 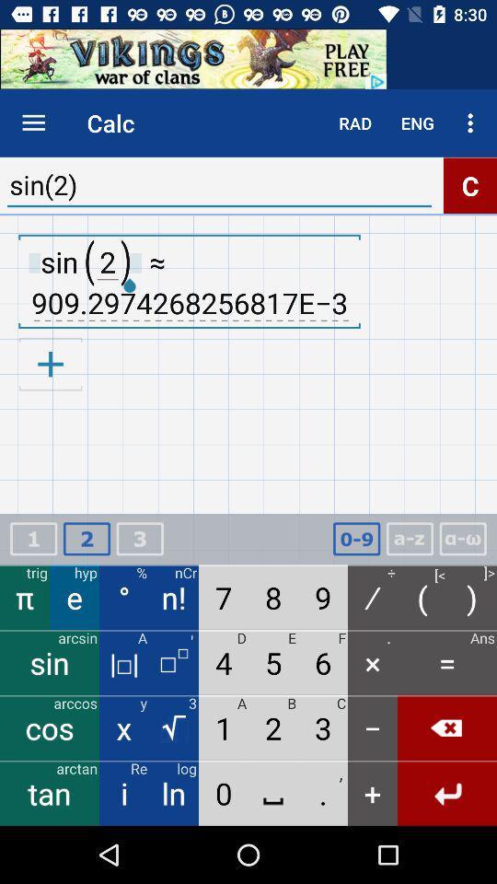 I want to click on calculator box, so click(x=462, y=539).